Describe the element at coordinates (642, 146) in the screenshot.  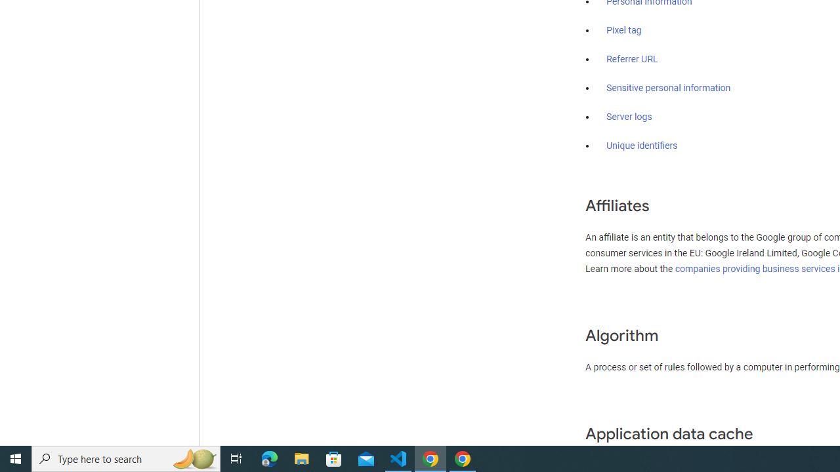
I see `'Unique identifiers'` at that location.